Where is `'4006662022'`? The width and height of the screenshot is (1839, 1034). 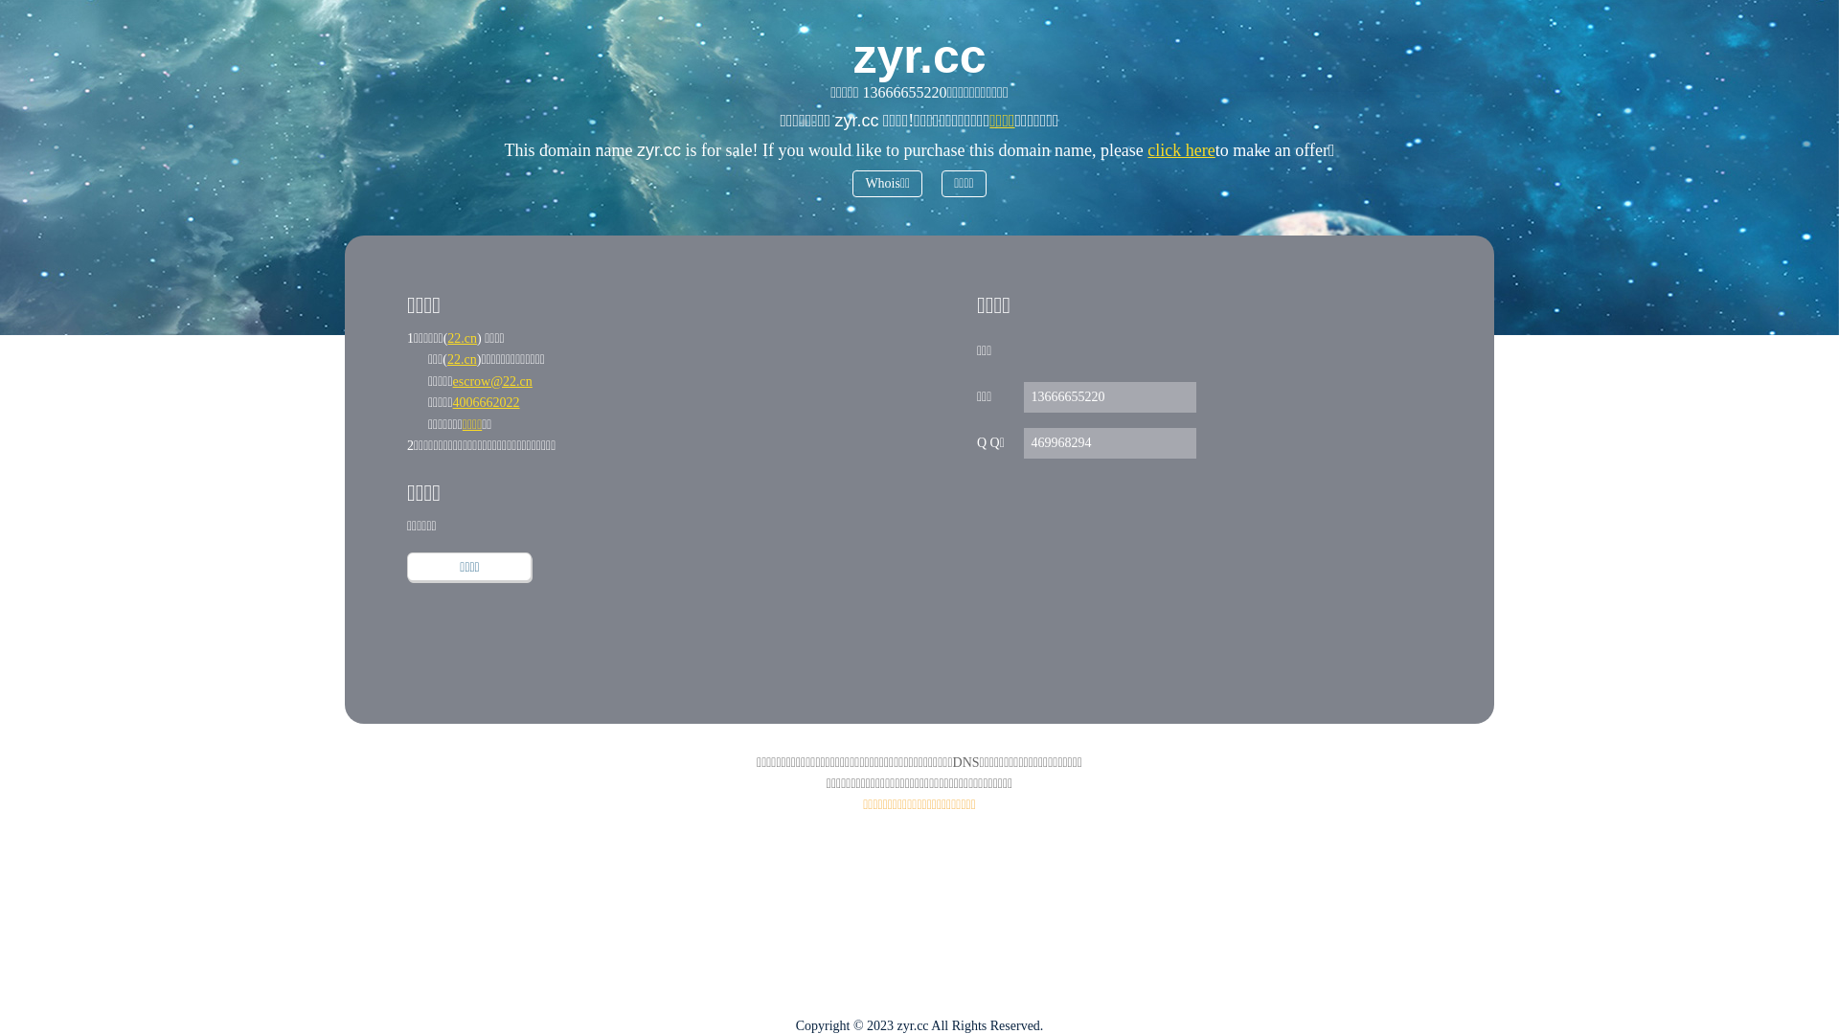 '4006662022' is located at coordinates (452, 401).